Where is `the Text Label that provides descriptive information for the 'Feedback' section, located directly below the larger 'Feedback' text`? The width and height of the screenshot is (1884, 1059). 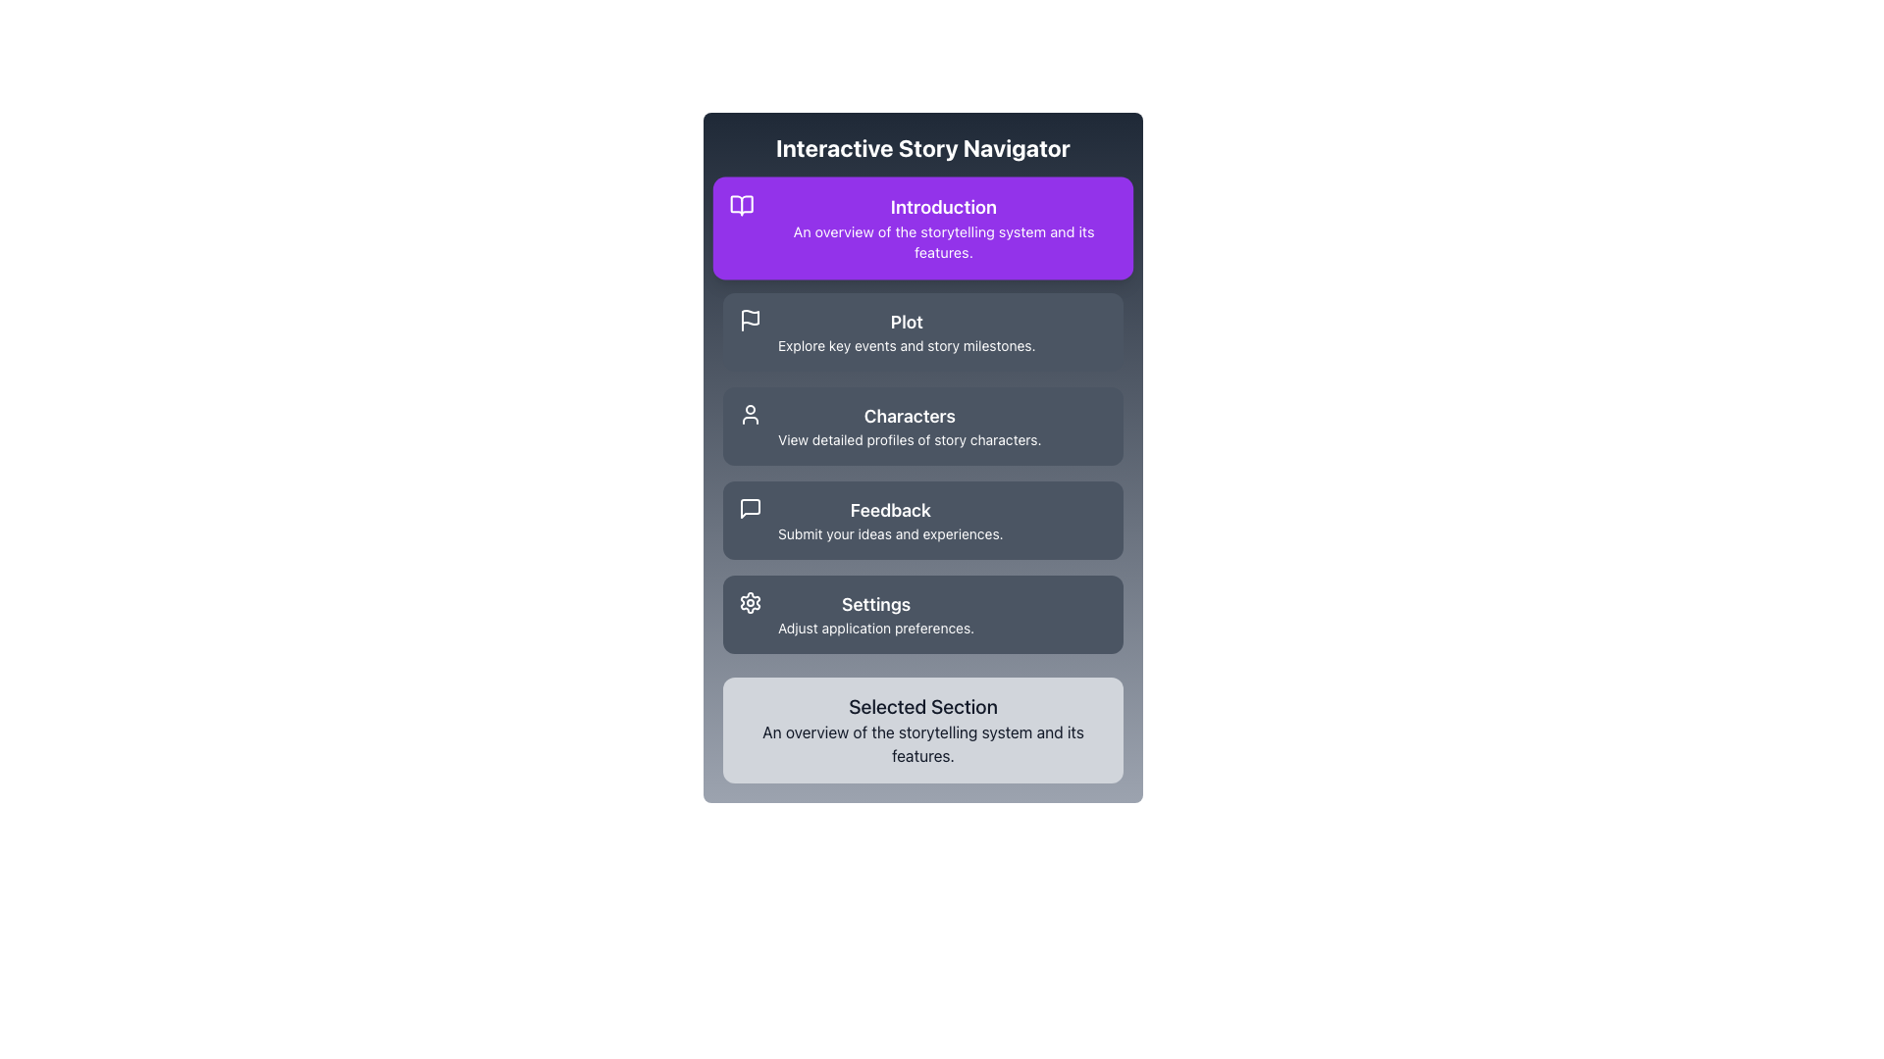 the Text Label that provides descriptive information for the 'Feedback' section, located directly below the larger 'Feedback' text is located at coordinates (889, 533).